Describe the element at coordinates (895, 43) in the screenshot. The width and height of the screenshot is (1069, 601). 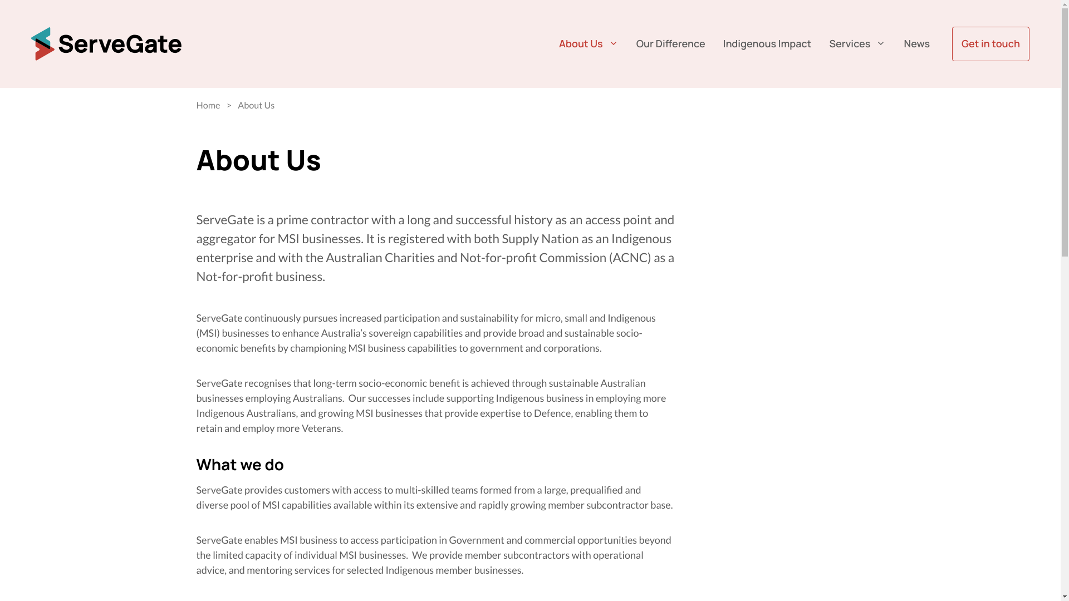
I see `'News'` at that location.